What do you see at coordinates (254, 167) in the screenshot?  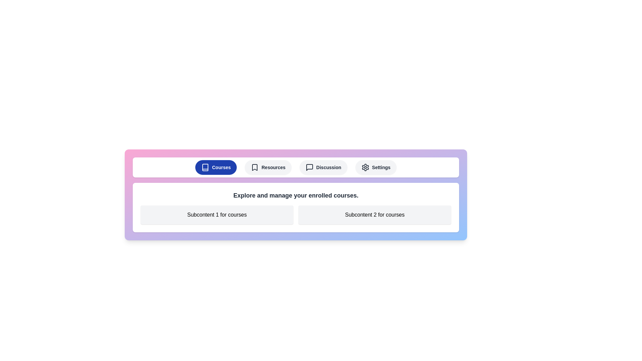 I see `the bookmark icon in the navigation bar` at bounding box center [254, 167].